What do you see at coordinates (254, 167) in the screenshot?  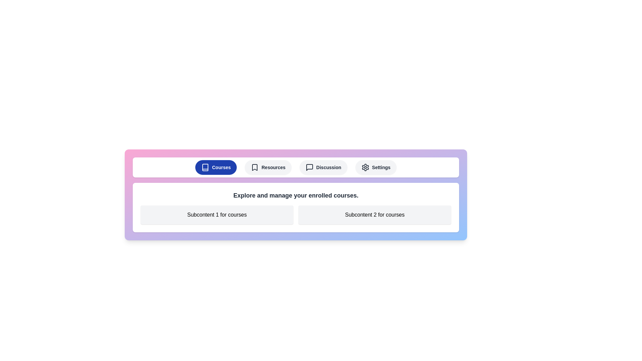 I see `the bookmark icon in the navigation bar` at bounding box center [254, 167].